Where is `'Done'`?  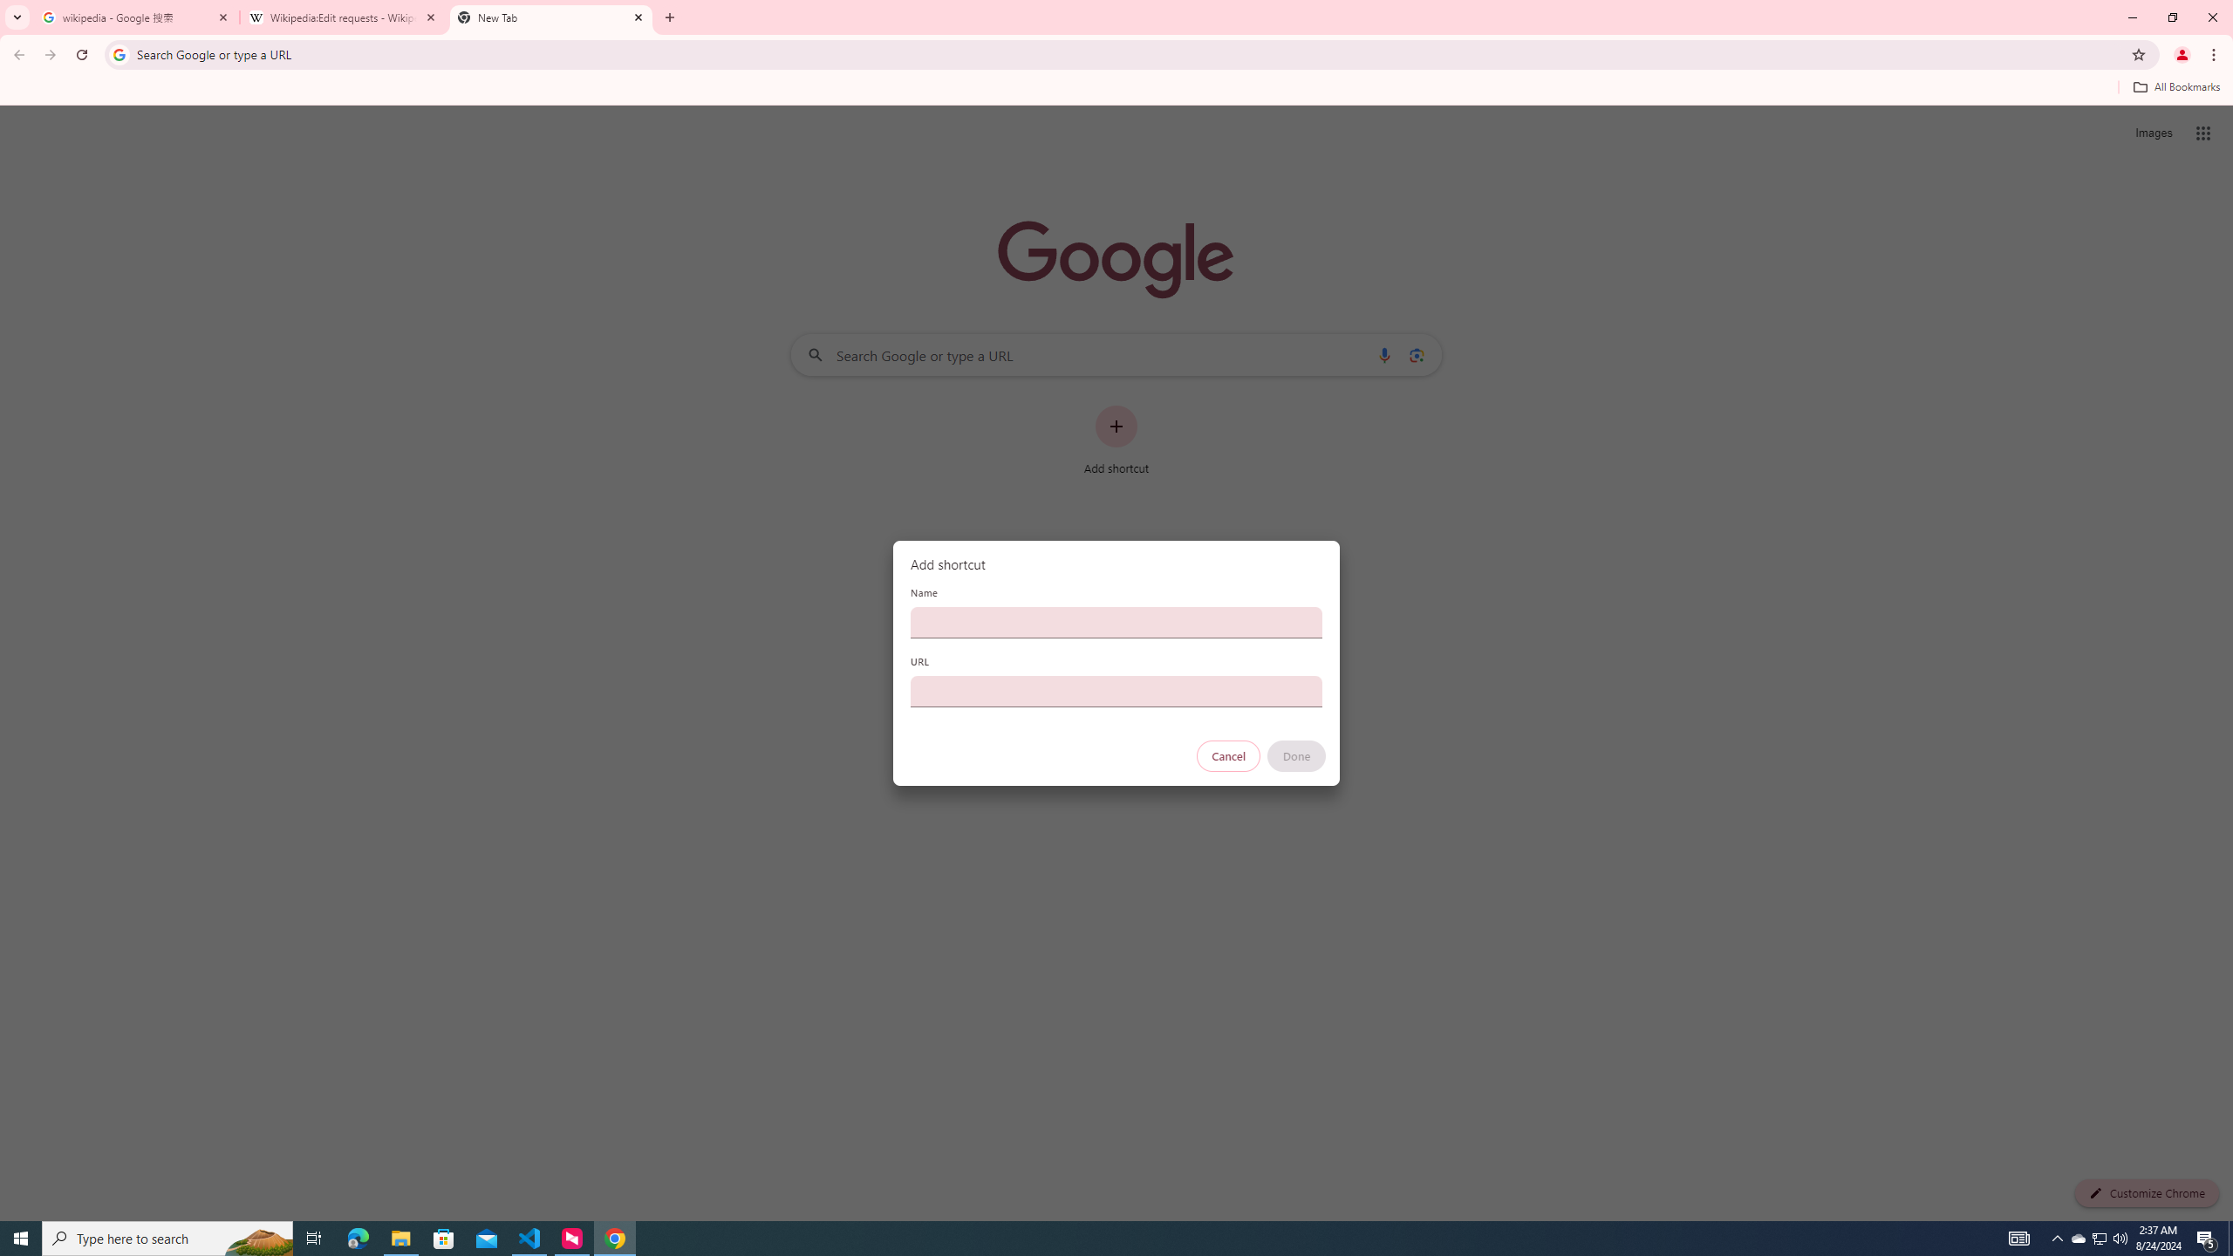
'Done' is located at coordinates (1297, 755).